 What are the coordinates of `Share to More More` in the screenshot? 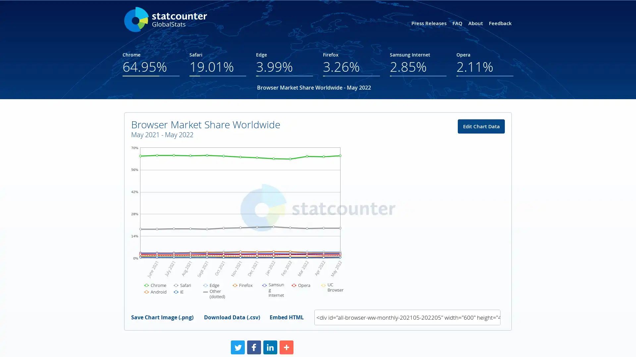 It's located at (356, 347).